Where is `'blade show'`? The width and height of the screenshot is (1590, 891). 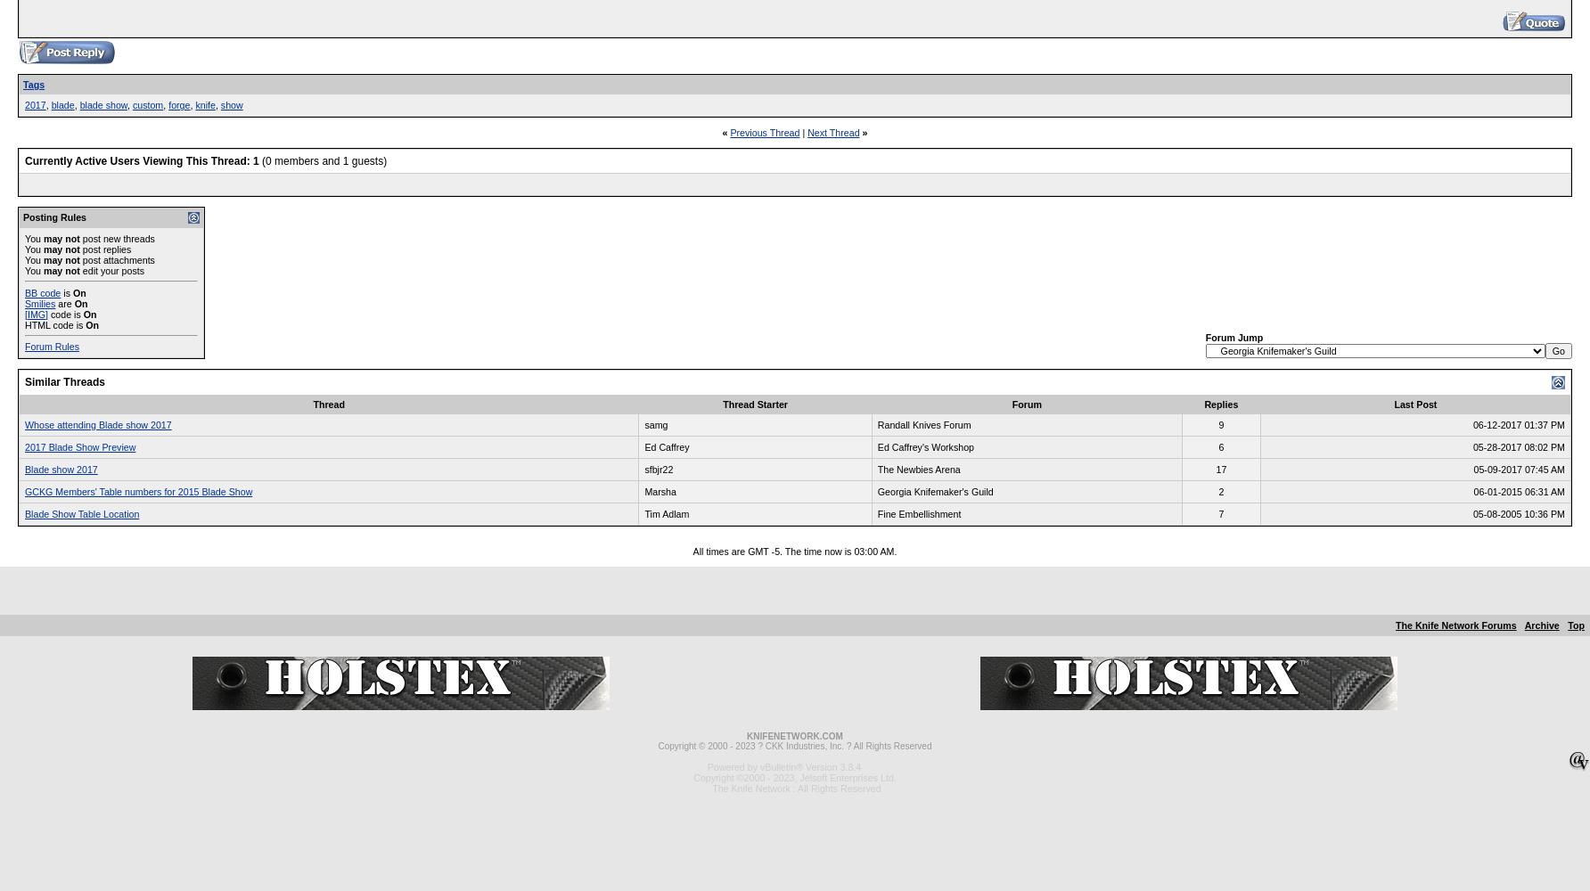 'blade show' is located at coordinates (102, 104).